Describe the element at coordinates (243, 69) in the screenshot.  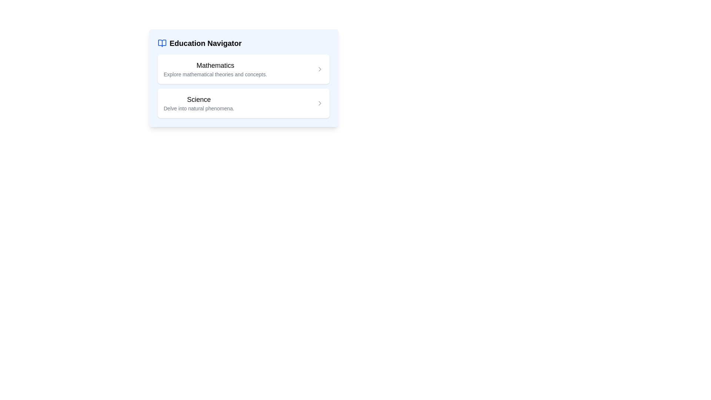
I see `the first card in the 'Education Navigator' section that represents the 'Mathematics' navigation option` at that location.